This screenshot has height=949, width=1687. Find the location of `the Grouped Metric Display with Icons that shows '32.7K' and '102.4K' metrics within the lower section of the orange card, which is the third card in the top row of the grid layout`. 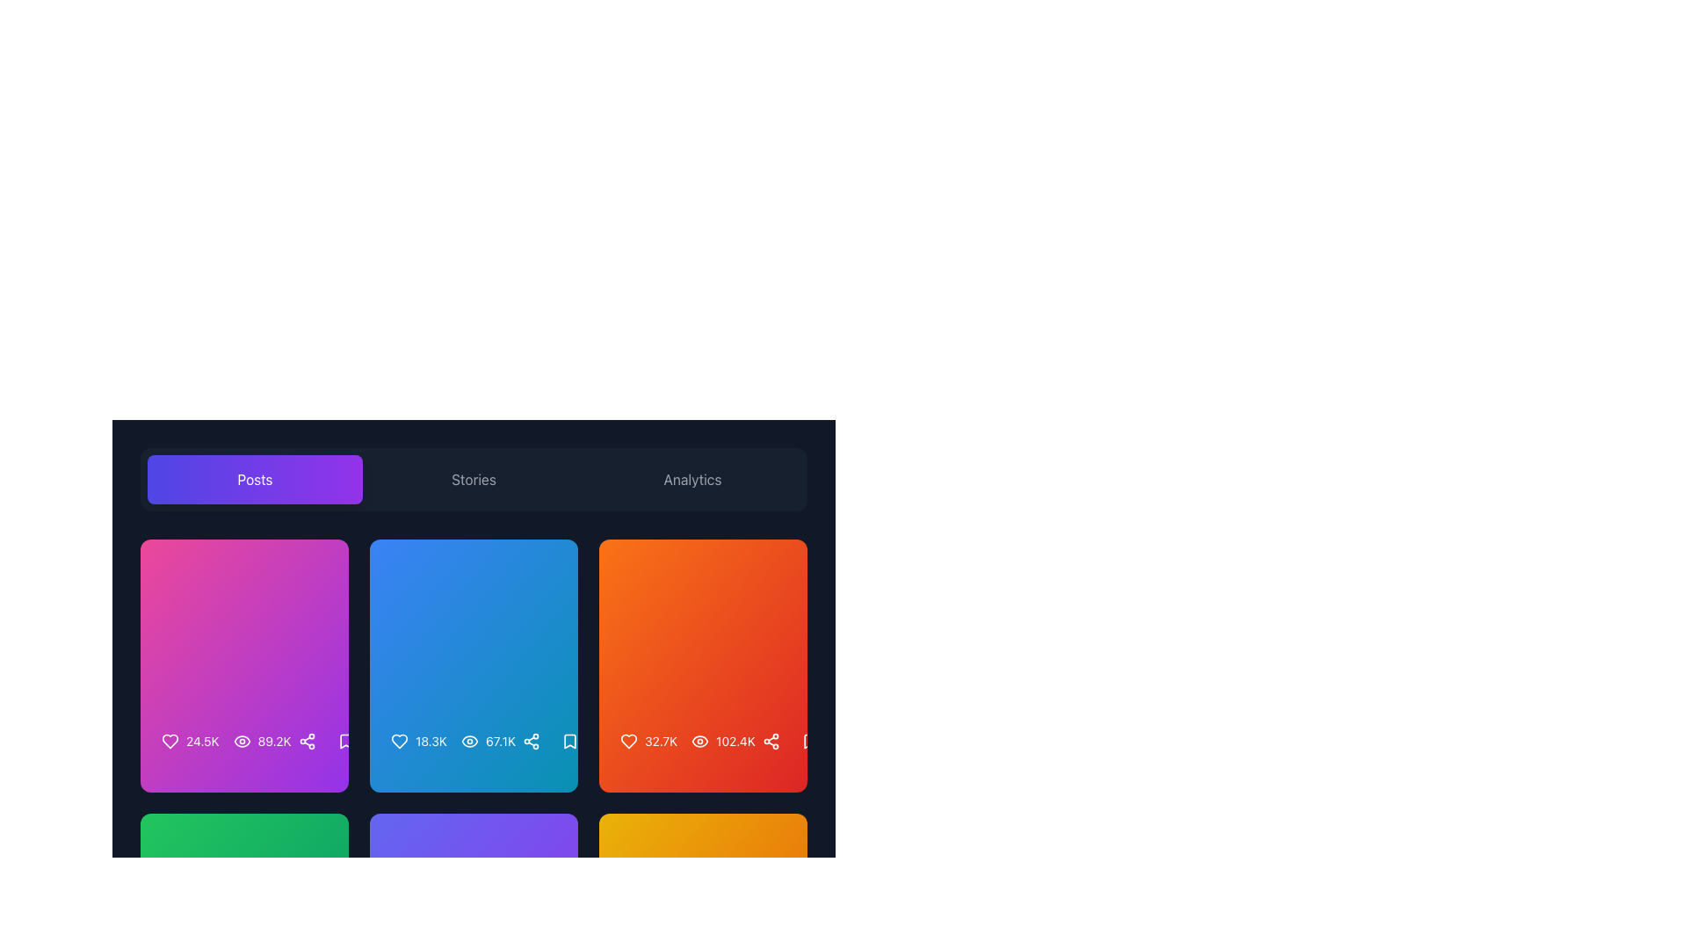

the Grouped Metric Display with Icons that shows '32.7K' and '102.4K' metrics within the lower section of the orange card, which is the third card in the top row of the grid layout is located at coordinates (686, 742).